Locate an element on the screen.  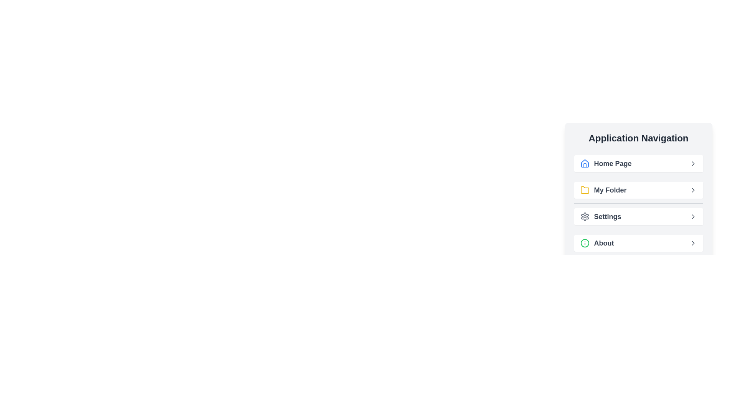
the first navigation button on the right side of the interface is located at coordinates (605, 163).